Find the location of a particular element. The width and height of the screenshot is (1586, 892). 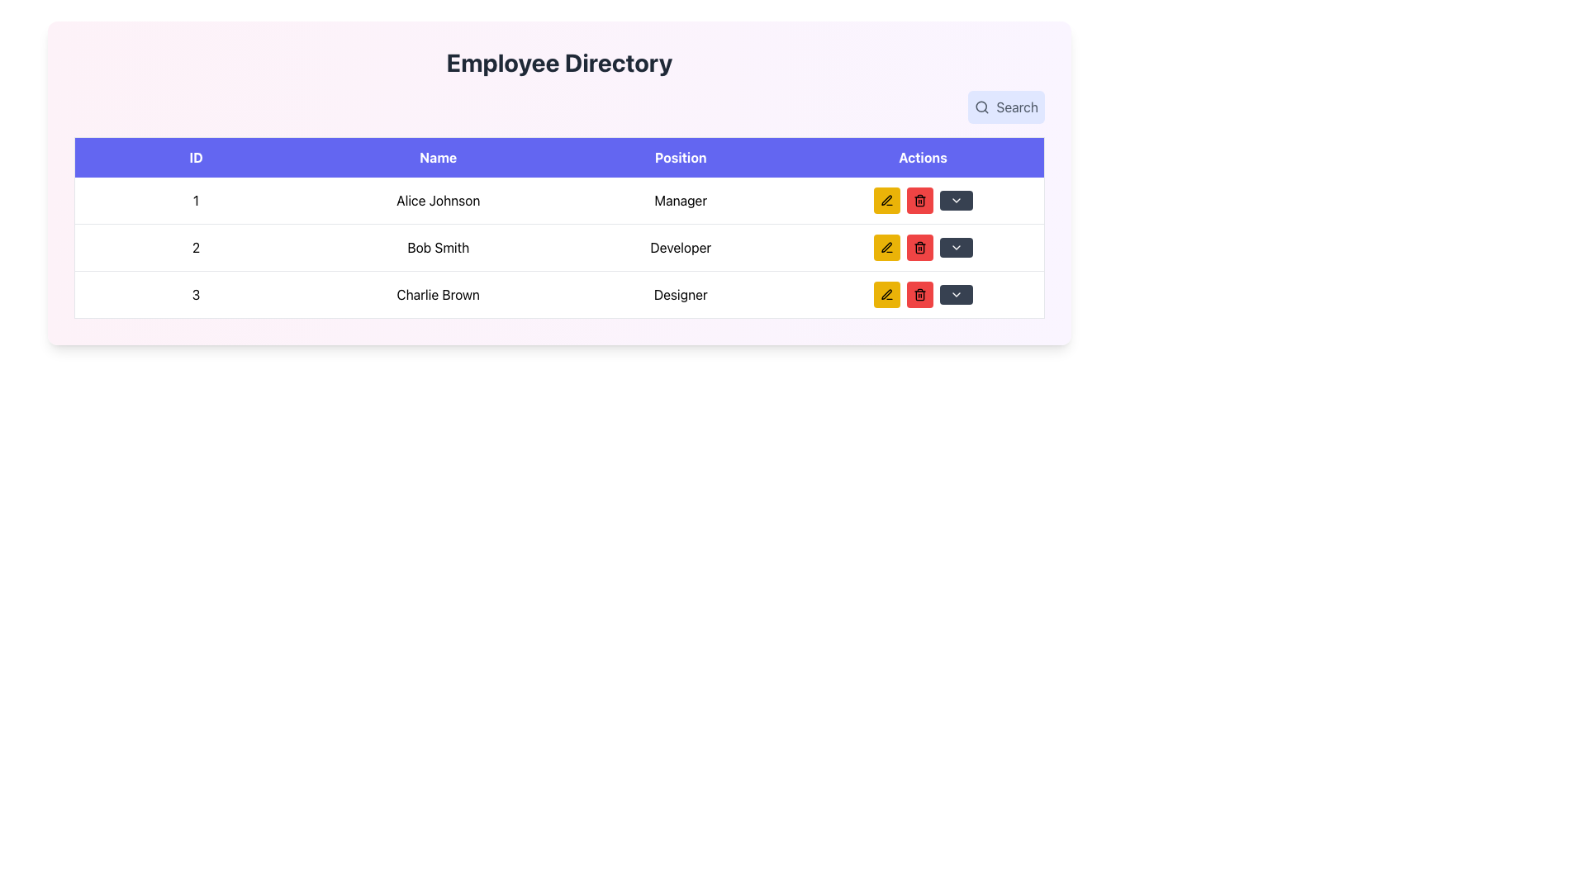

the Label/Text displaying the name of the employee in the 'Employee Directory' table located in the third row and second column is located at coordinates (438, 294).